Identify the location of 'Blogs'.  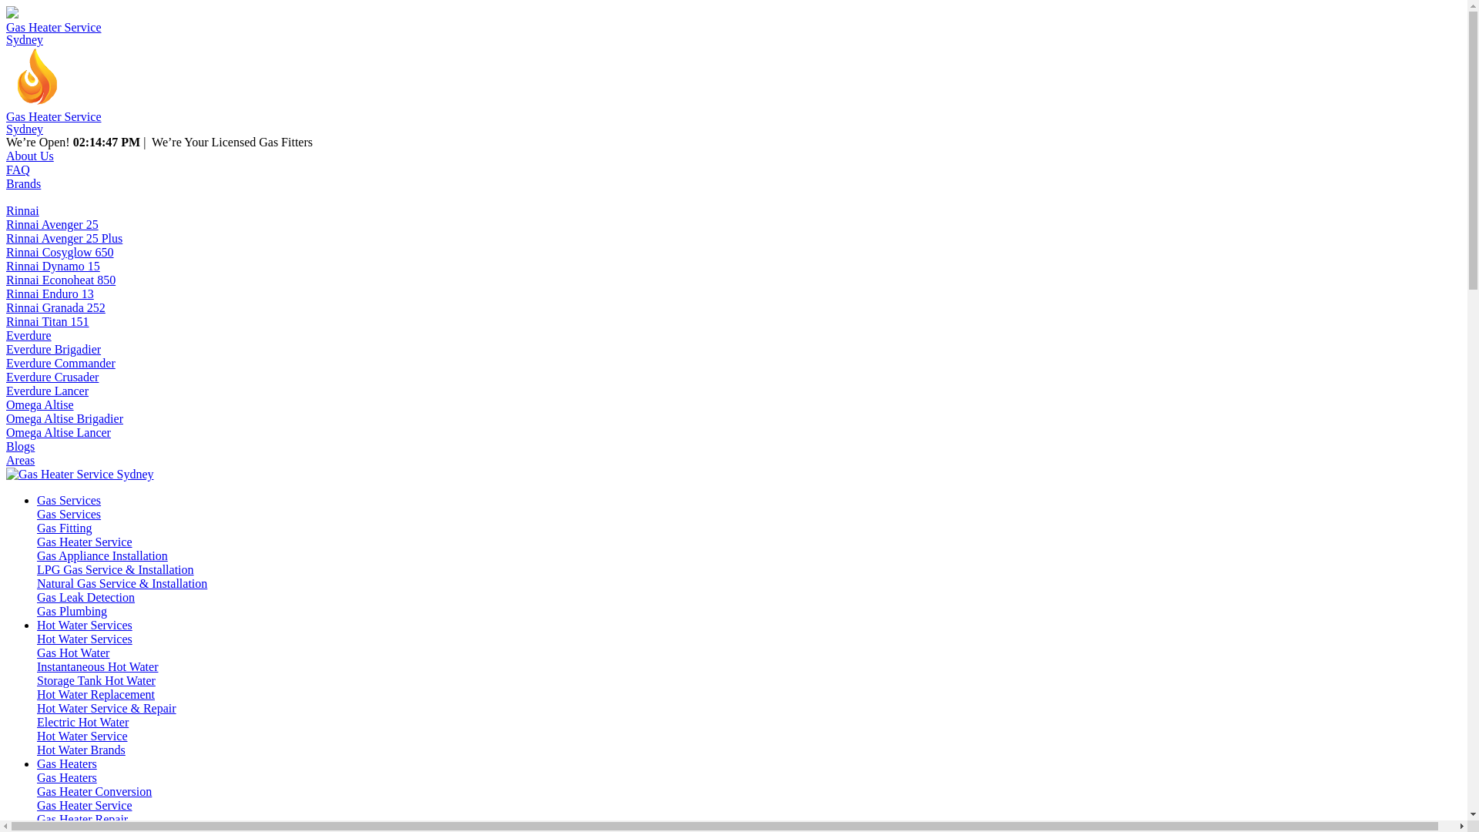
(20, 446).